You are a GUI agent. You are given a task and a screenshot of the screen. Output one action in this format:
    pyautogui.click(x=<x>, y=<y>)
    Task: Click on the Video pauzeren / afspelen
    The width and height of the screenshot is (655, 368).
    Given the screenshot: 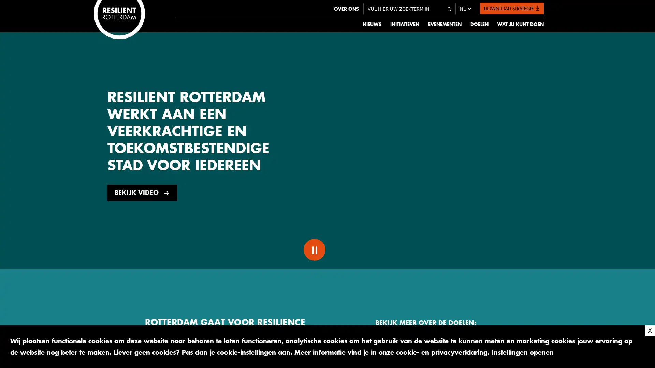 What is the action you would take?
    pyautogui.click(x=314, y=249)
    